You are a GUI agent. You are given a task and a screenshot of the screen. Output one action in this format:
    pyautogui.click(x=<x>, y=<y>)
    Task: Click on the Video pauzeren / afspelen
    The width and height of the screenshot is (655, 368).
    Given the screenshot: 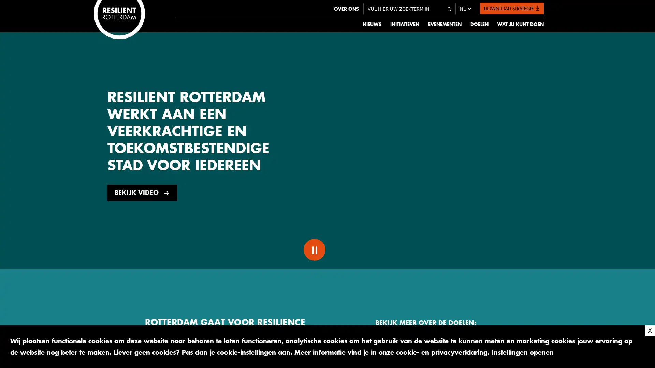 What is the action you would take?
    pyautogui.click(x=314, y=249)
    